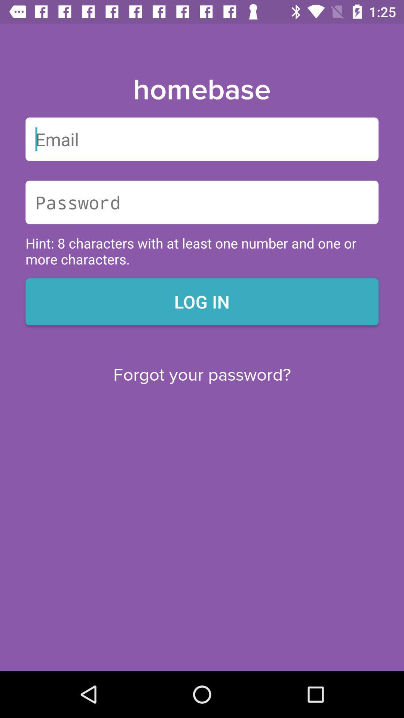 Image resolution: width=404 pixels, height=718 pixels. Describe the element at coordinates (202, 139) in the screenshot. I see `the item below the homebase icon` at that location.